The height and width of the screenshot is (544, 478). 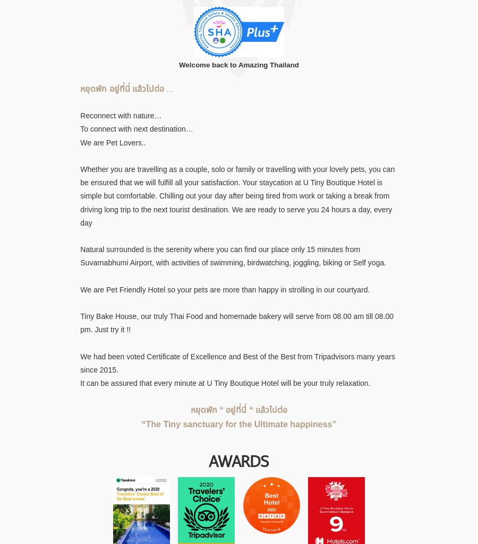 I want to click on 'Welcome back to Amazing Thailand', so click(x=238, y=65).